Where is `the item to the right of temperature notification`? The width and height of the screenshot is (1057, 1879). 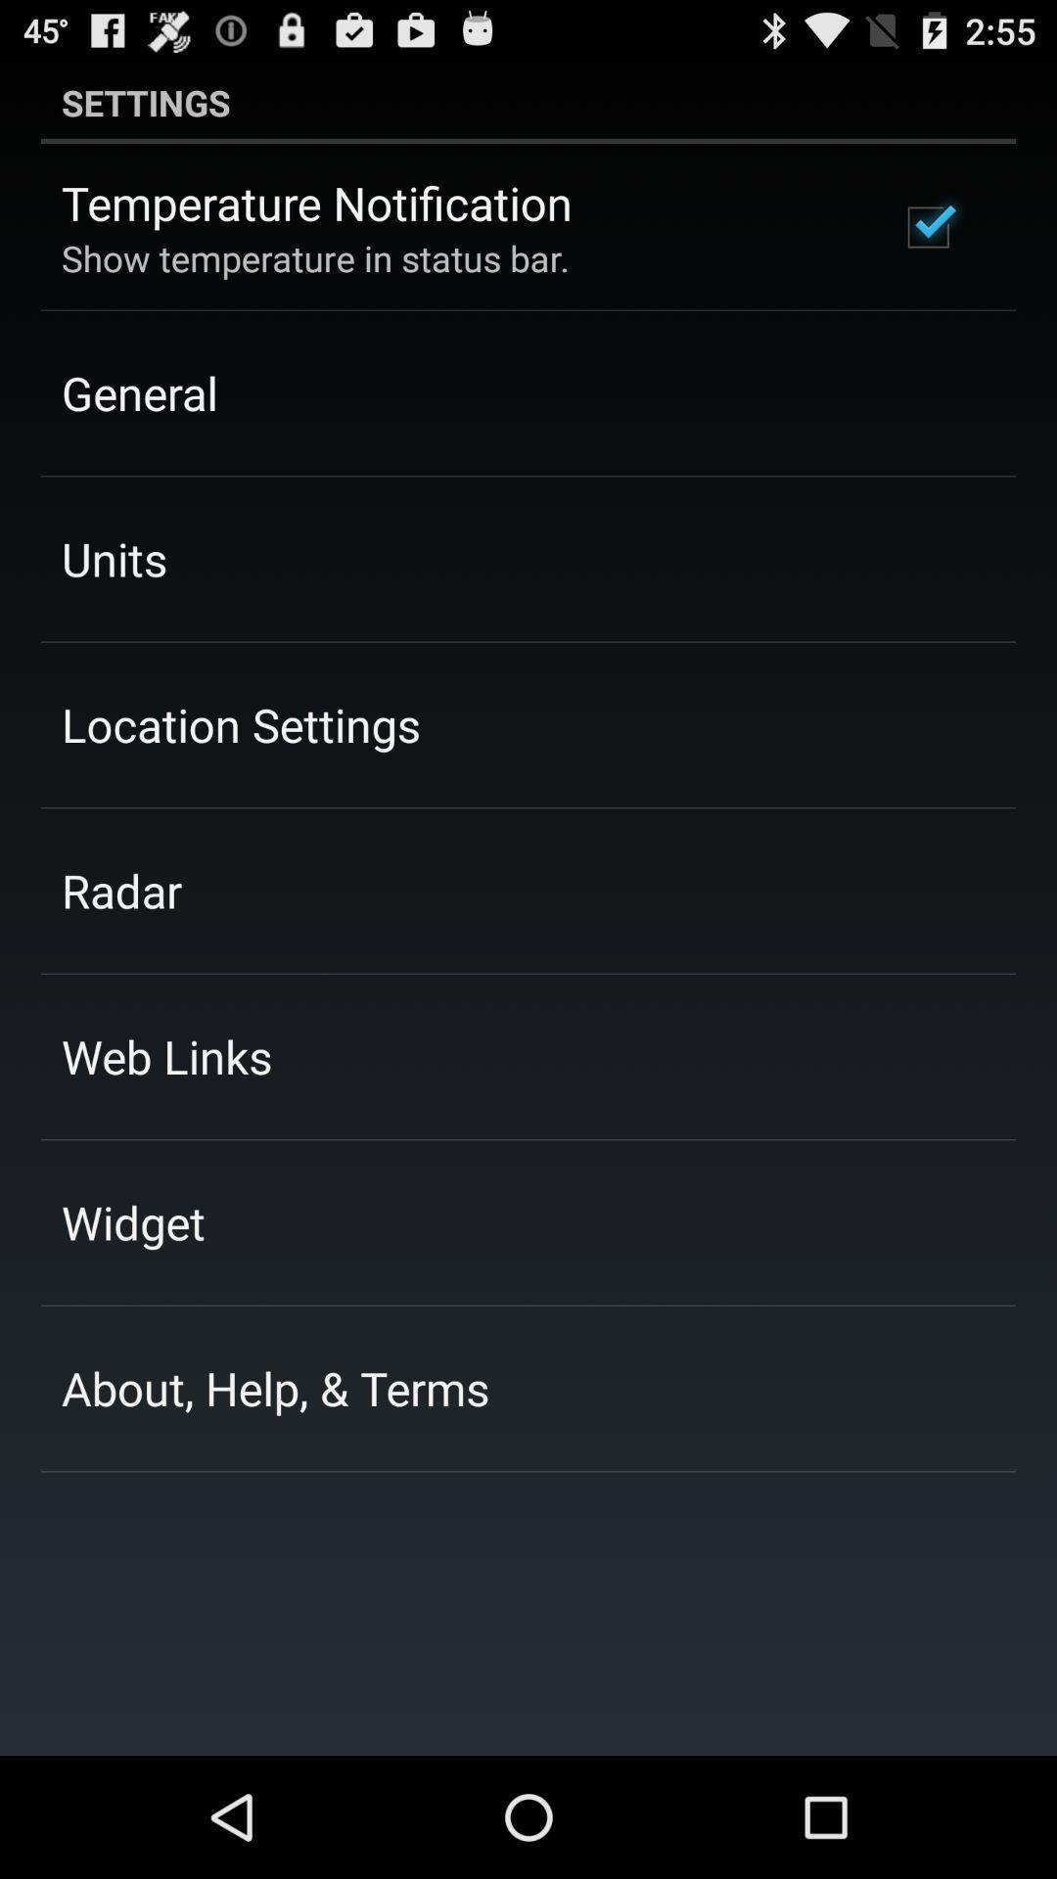 the item to the right of temperature notification is located at coordinates (927, 227).